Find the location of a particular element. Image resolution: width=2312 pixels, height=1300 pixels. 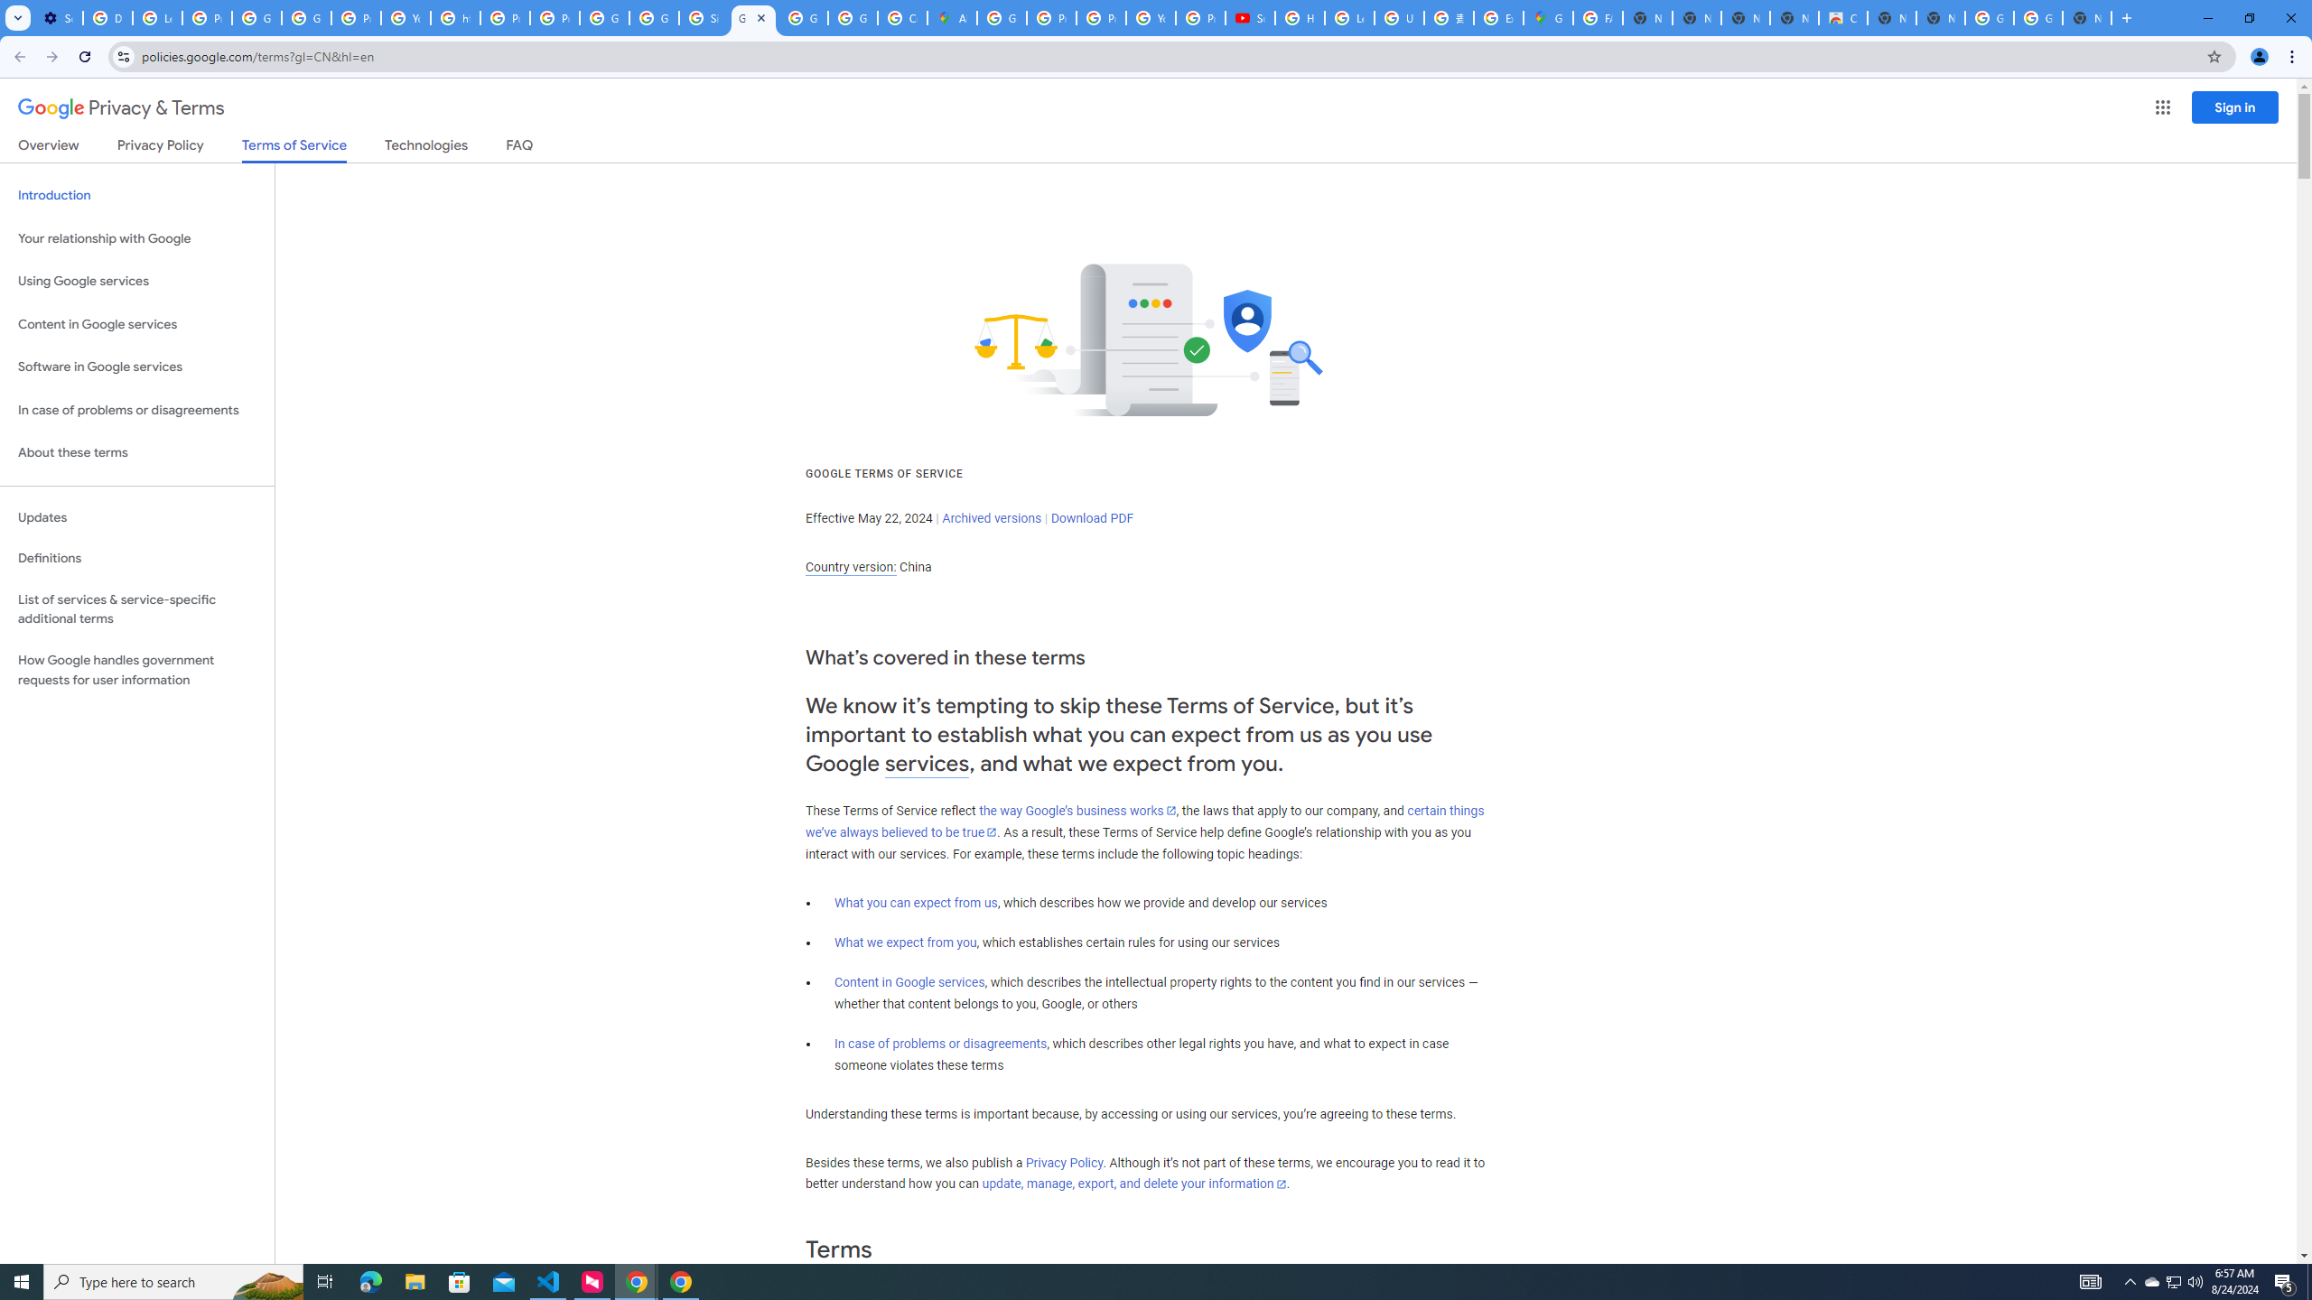

'Learn how to find your photos - Google Photos Help' is located at coordinates (157, 17).